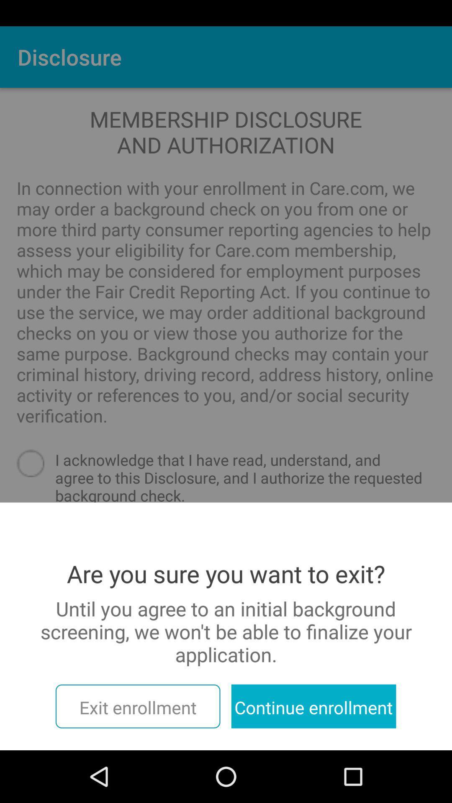 The image size is (452, 803). I want to click on the item next to the continue enrollment icon, so click(137, 706).